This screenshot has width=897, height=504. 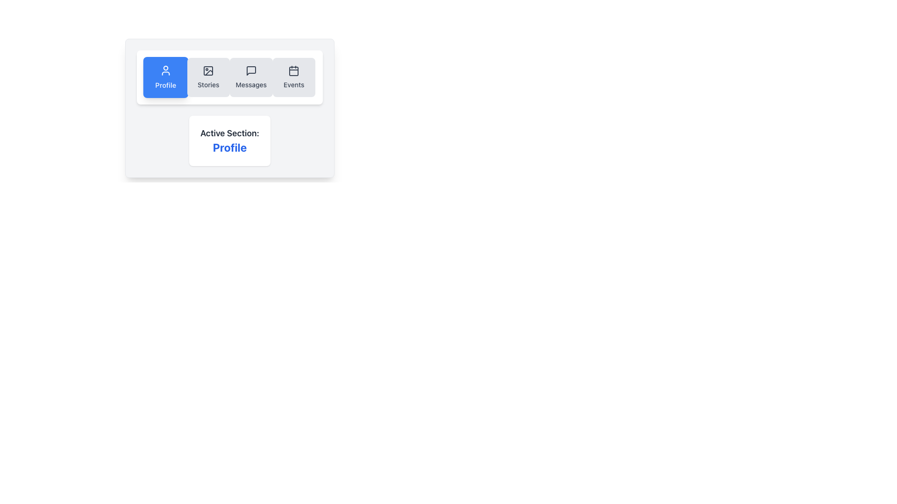 I want to click on the 'Events' button in the navigation panel, so click(x=293, y=77).